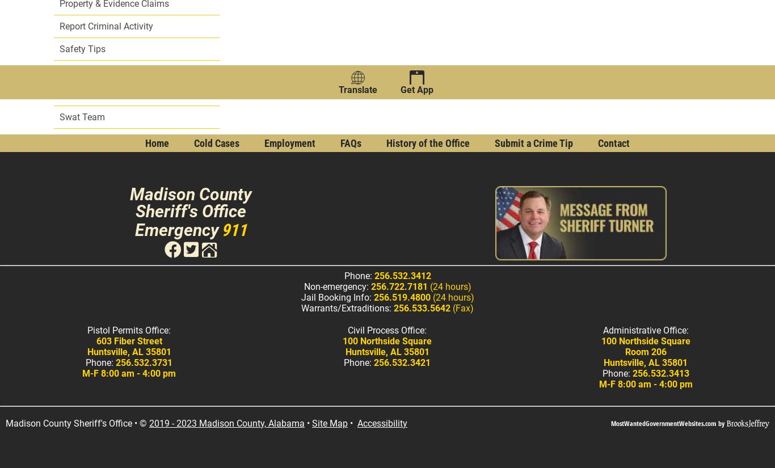  What do you see at coordinates (402, 276) in the screenshot?
I see `'256.532.3412'` at bounding box center [402, 276].